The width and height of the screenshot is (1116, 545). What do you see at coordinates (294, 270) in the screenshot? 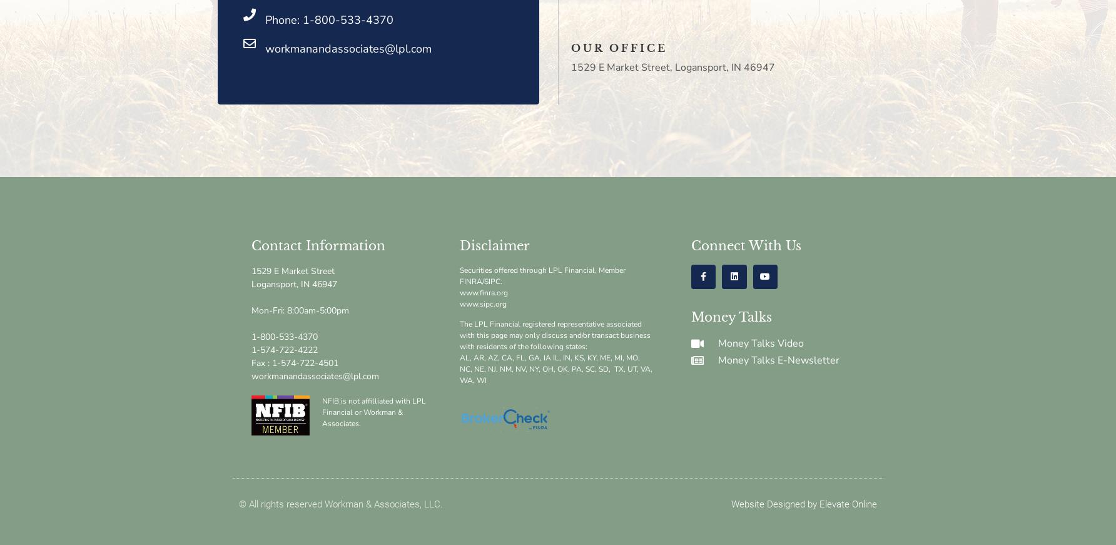
I see `'1529 E Market Street'` at bounding box center [294, 270].